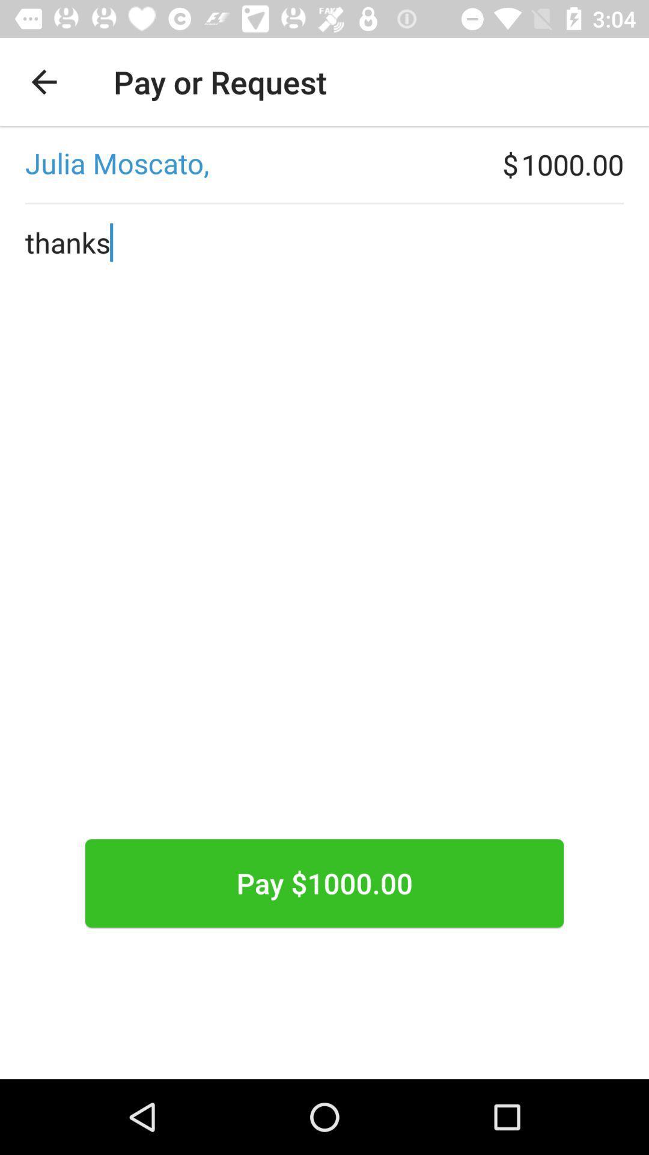  What do you see at coordinates (324, 559) in the screenshot?
I see `thanks icon` at bounding box center [324, 559].